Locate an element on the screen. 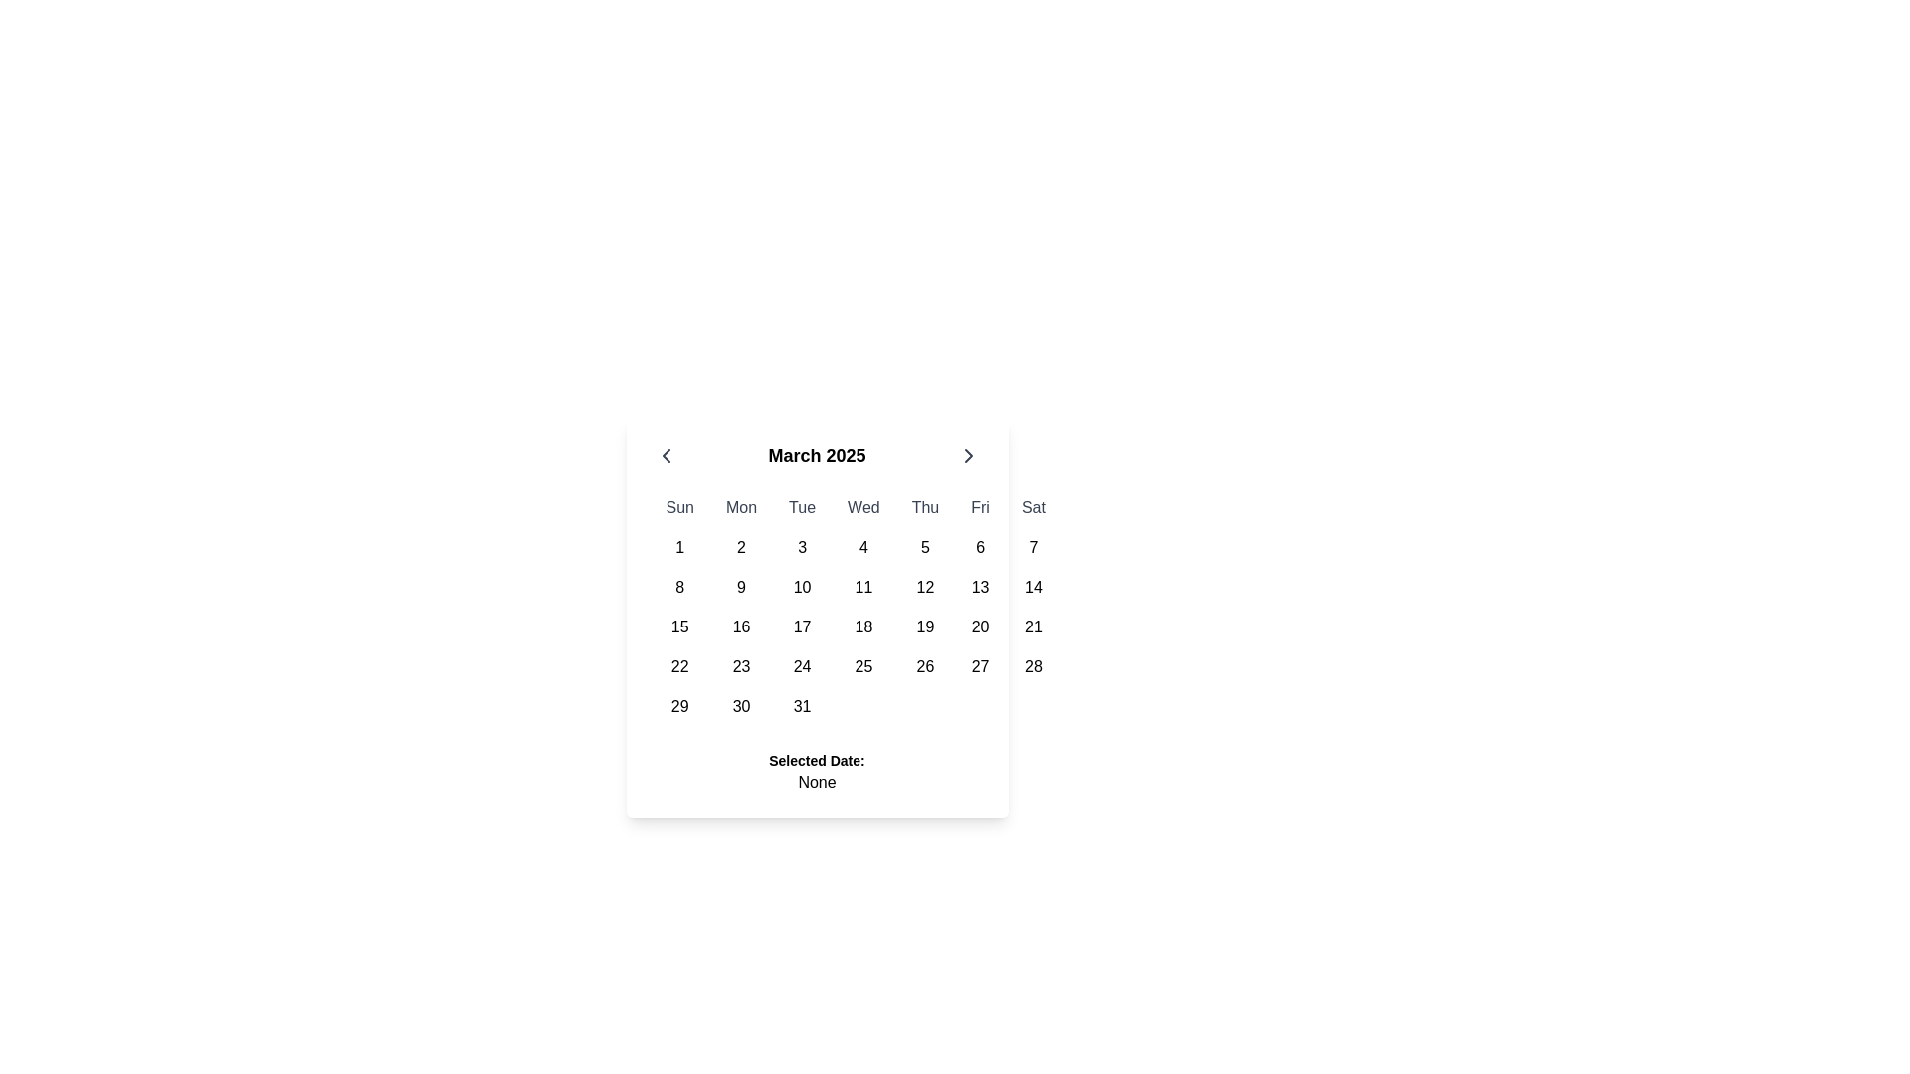 The width and height of the screenshot is (1910, 1074). the leftmost button representing the date '29' in the calendar interface is located at coordinates (679, 705).